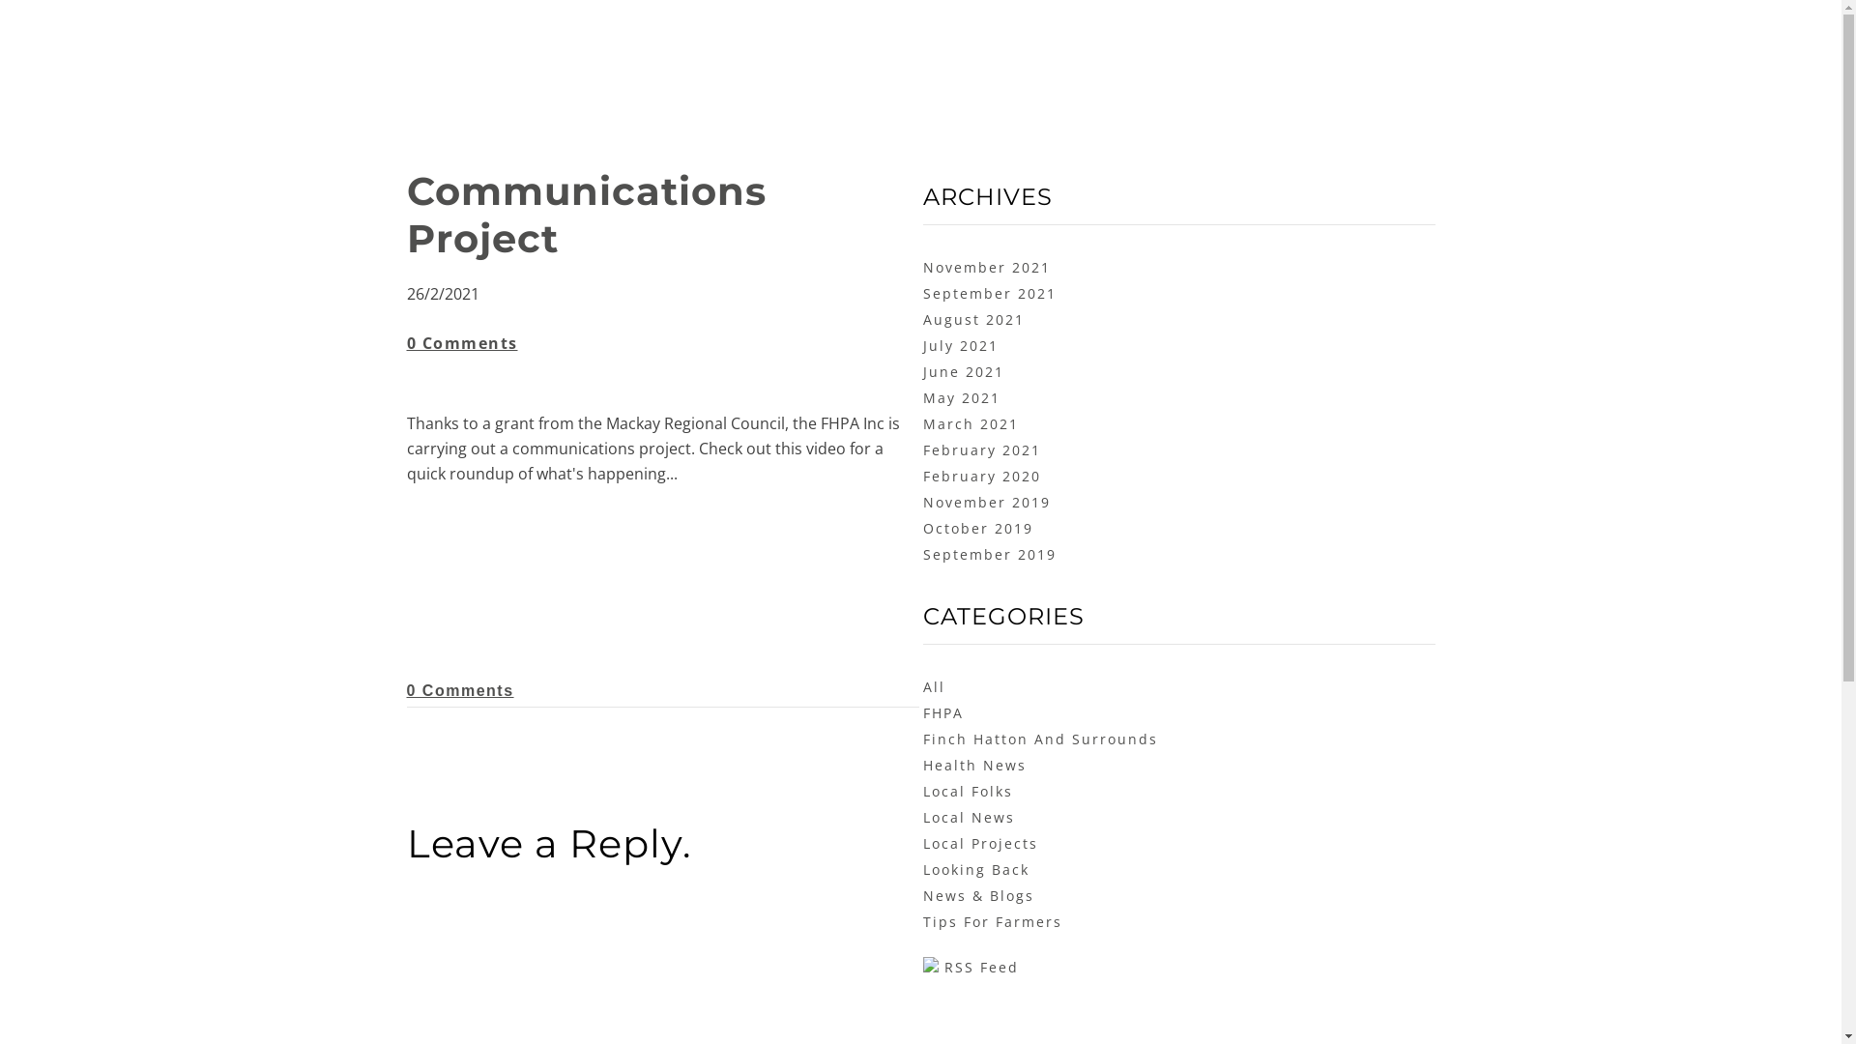 The height and width of the screenshot is (1044, 1856). I want to click on 'News & Blogs', so click(977, 895).